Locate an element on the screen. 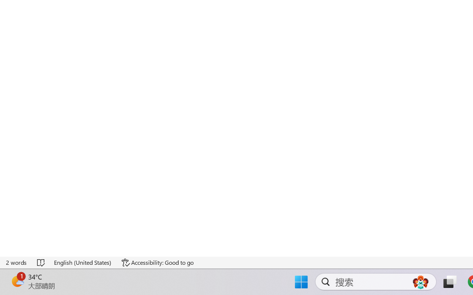 This screenshot has height=295, width=473. 'Spelling and Grammar Check No Errors' is located at coordinates (41, 262).